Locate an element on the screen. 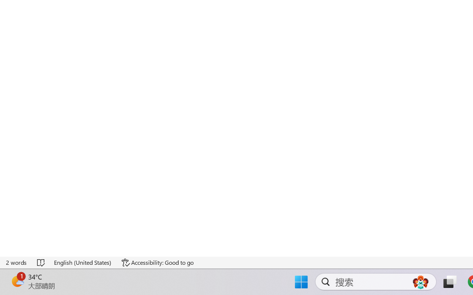 This screenshot has height=295, width=473. 'Spelling and Grammar Check No Errors' is located at coordinates (41, 262).